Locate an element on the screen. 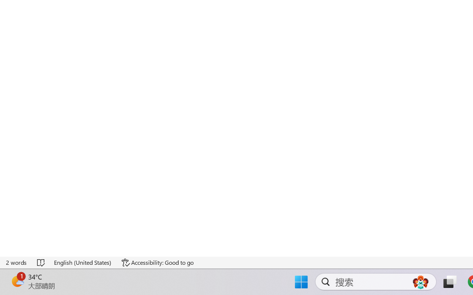 This screenshot has height=295, width=473. 'Spelling and Grammar Check No Errors' is located at coordinates (41, 262).